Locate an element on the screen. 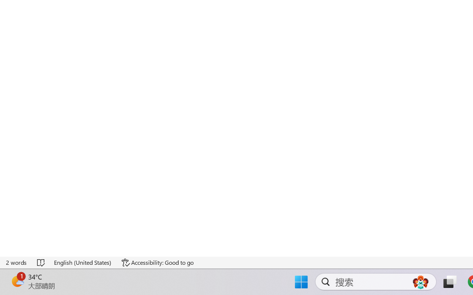 This screenshot has height=295, width=473. 'Spelling and Grammar Check No Errors' is located at coordinates (41, 262).